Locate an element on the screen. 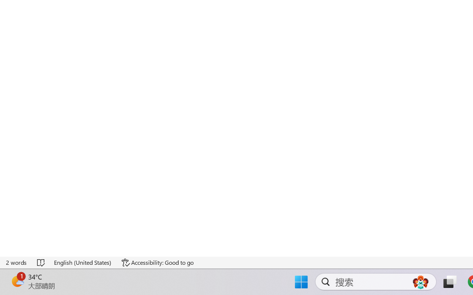 This screenshot has height=295, width=473. 'Spelling and Grammar Check No Errors' is located at coordinates (41, 262).